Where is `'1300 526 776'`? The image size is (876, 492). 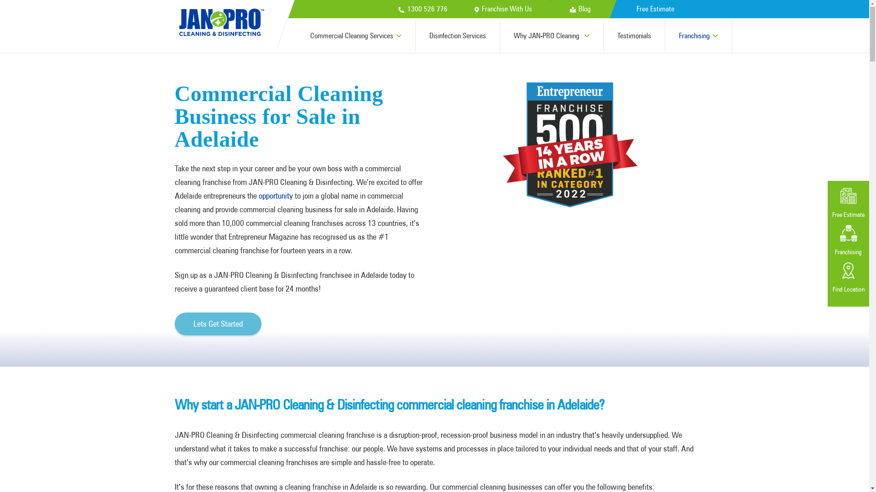 '1300 526 776' is located at coordinates (398, 9).